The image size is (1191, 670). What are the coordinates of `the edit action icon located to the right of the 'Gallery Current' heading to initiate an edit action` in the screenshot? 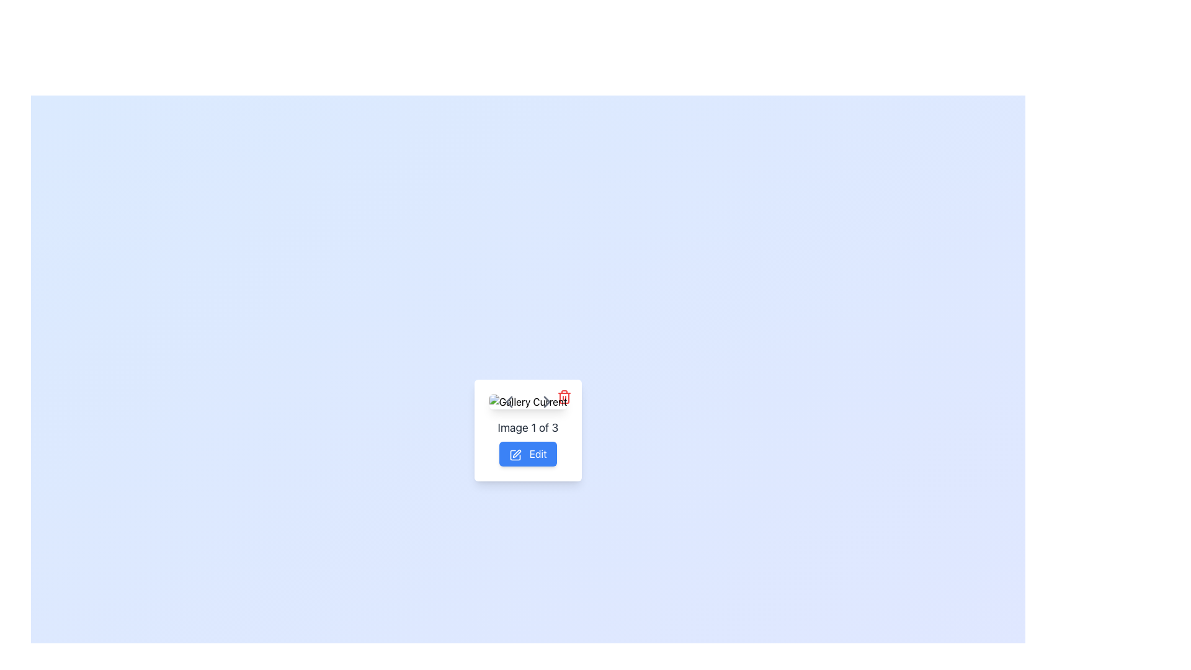 It's located at (517, 453).